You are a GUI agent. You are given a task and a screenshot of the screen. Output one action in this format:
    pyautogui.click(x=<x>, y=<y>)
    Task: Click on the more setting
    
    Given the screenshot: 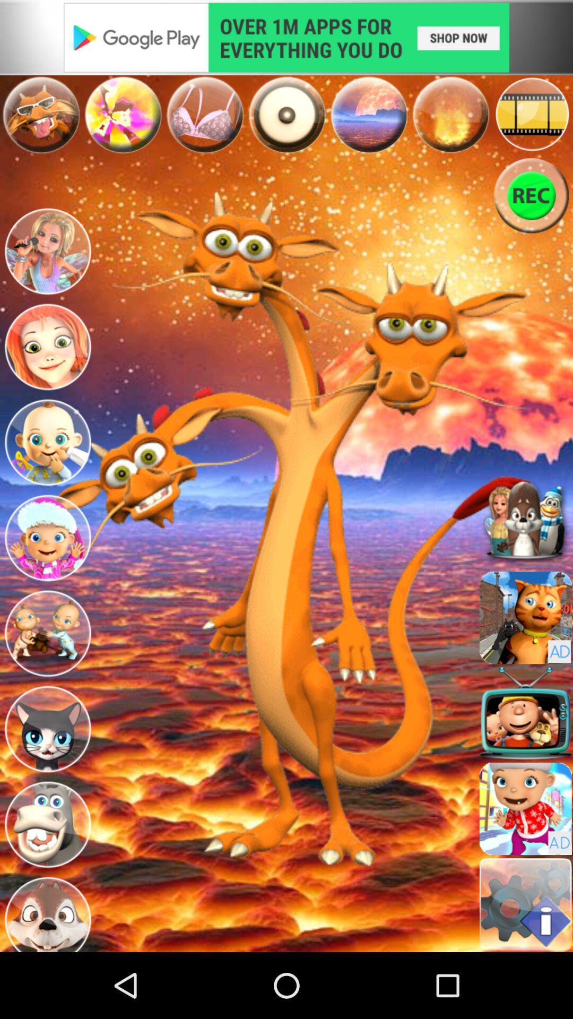 What is the action you would take?
    pyautogui.click(x=525, y=904)
    